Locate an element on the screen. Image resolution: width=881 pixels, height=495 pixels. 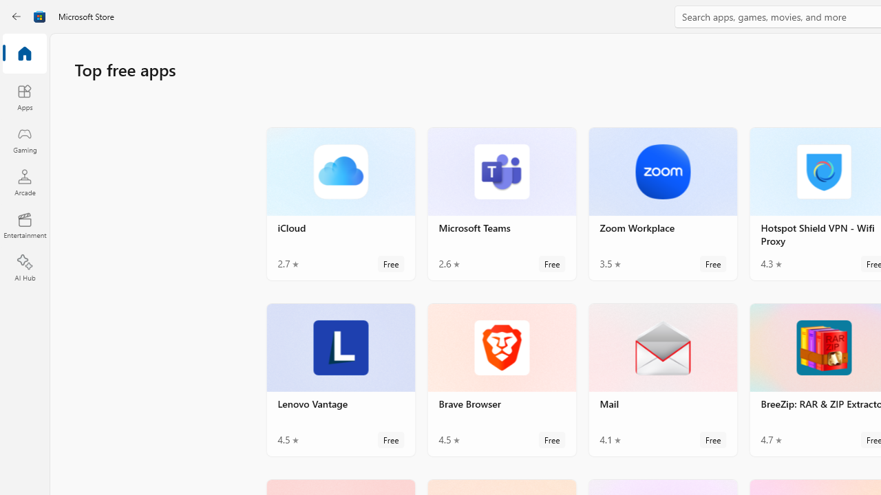
'Mail. Average rating of 4.1 out of five stars. Free  ' is located at coordinates (663, 379).